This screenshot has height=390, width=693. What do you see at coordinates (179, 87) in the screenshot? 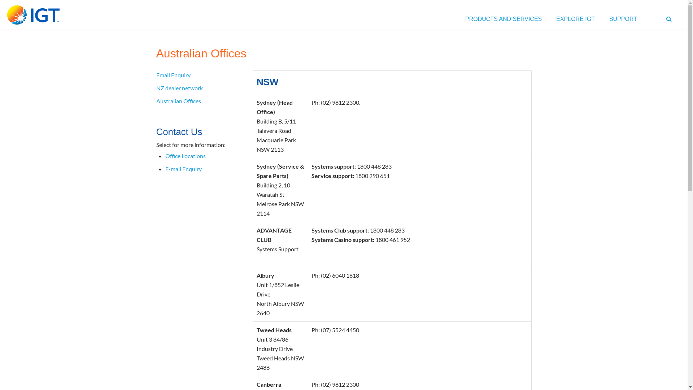
I see `'NZ dealer network'` at bounding box center [179, 87].